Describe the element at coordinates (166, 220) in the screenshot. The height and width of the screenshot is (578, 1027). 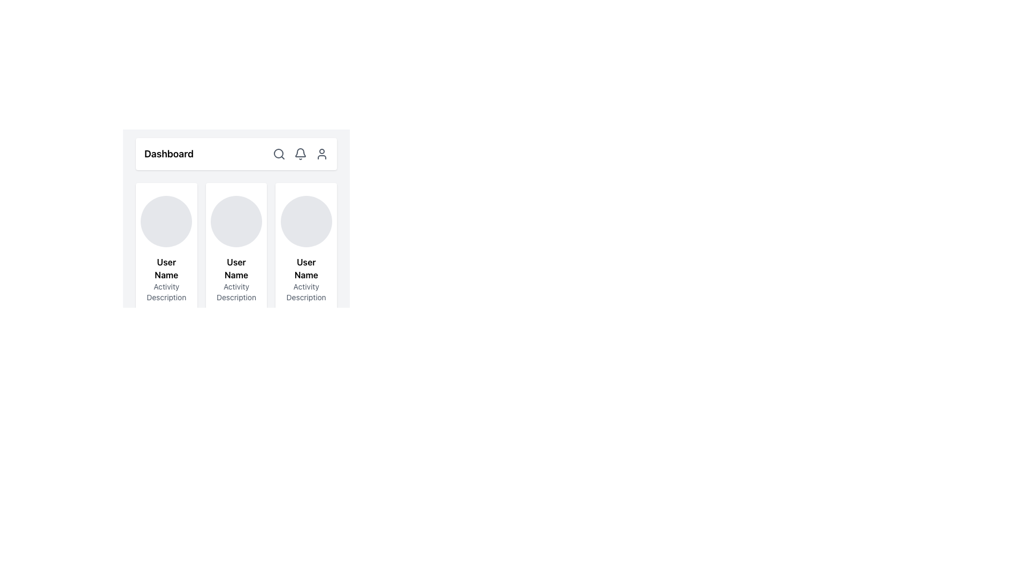
I see `the static placeholder element for the user profile picture located at the top of the leftmost card in a horizontal array` at that location.